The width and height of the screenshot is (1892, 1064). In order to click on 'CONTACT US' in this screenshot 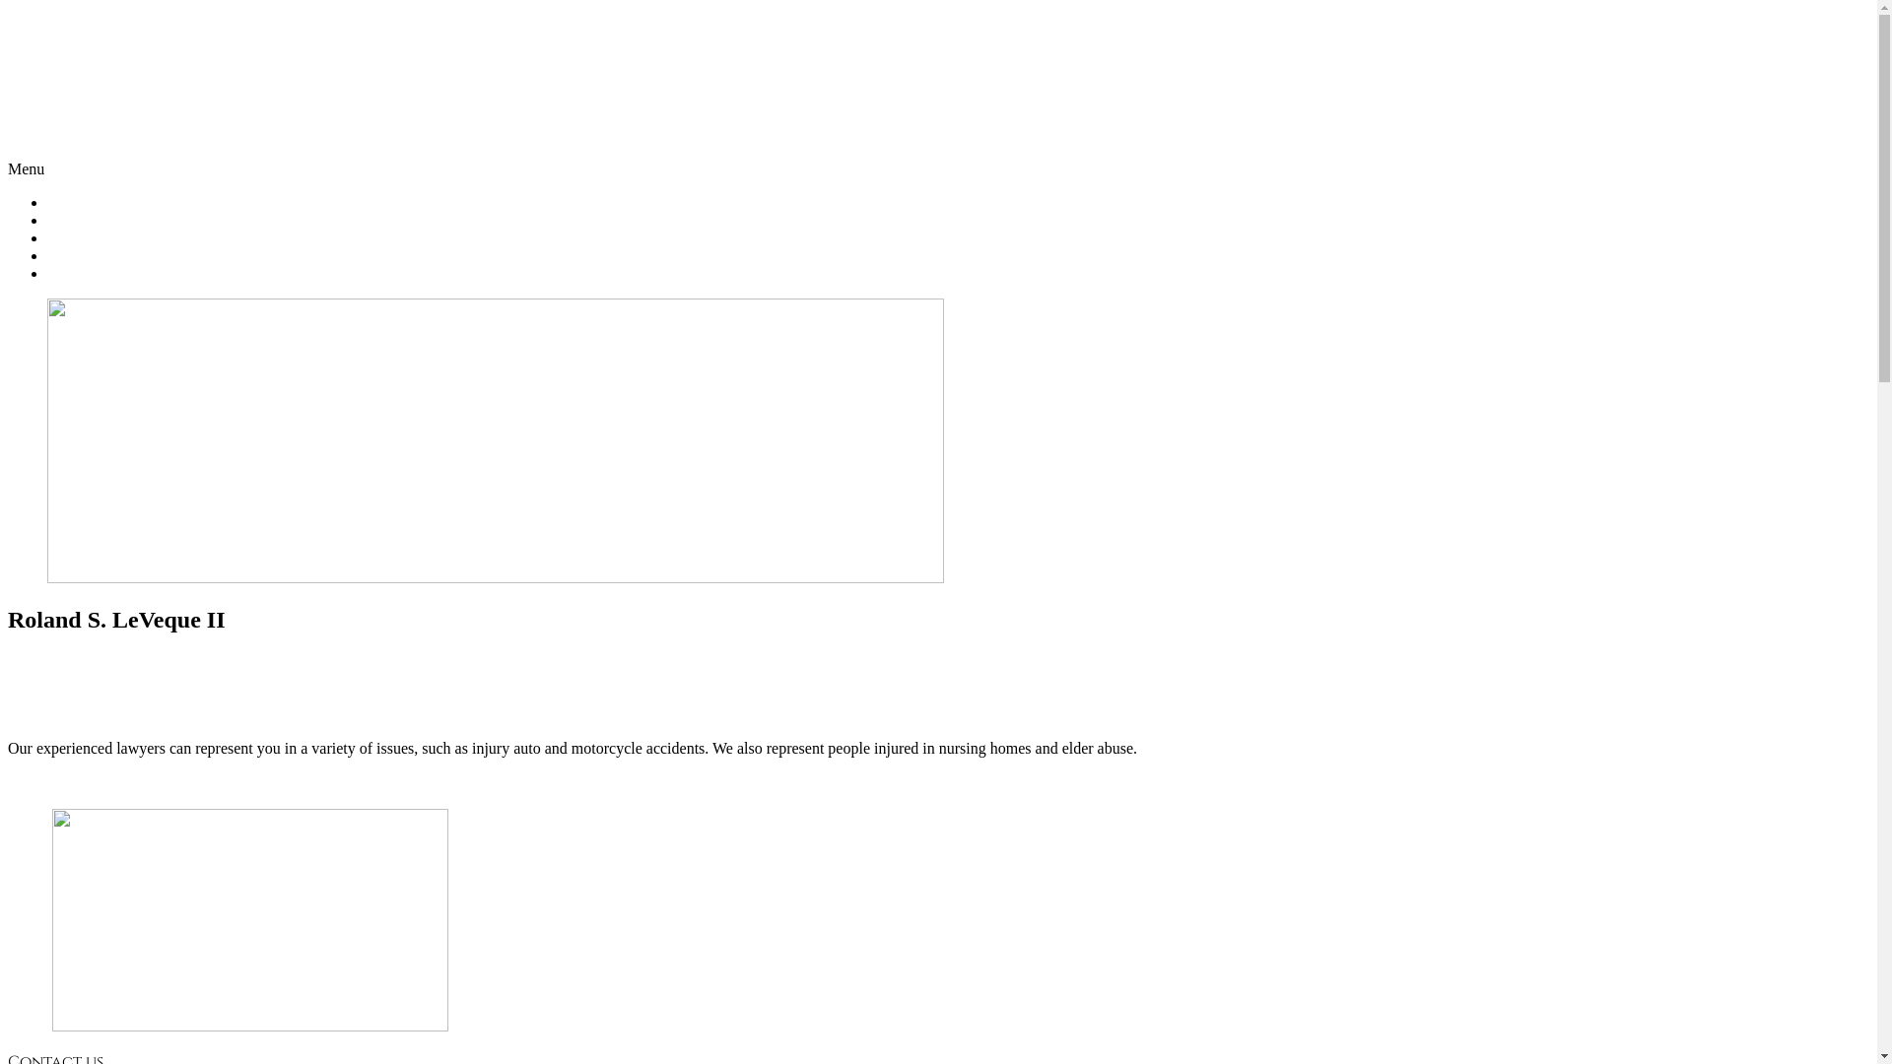, I will do `click(94, 273)`.